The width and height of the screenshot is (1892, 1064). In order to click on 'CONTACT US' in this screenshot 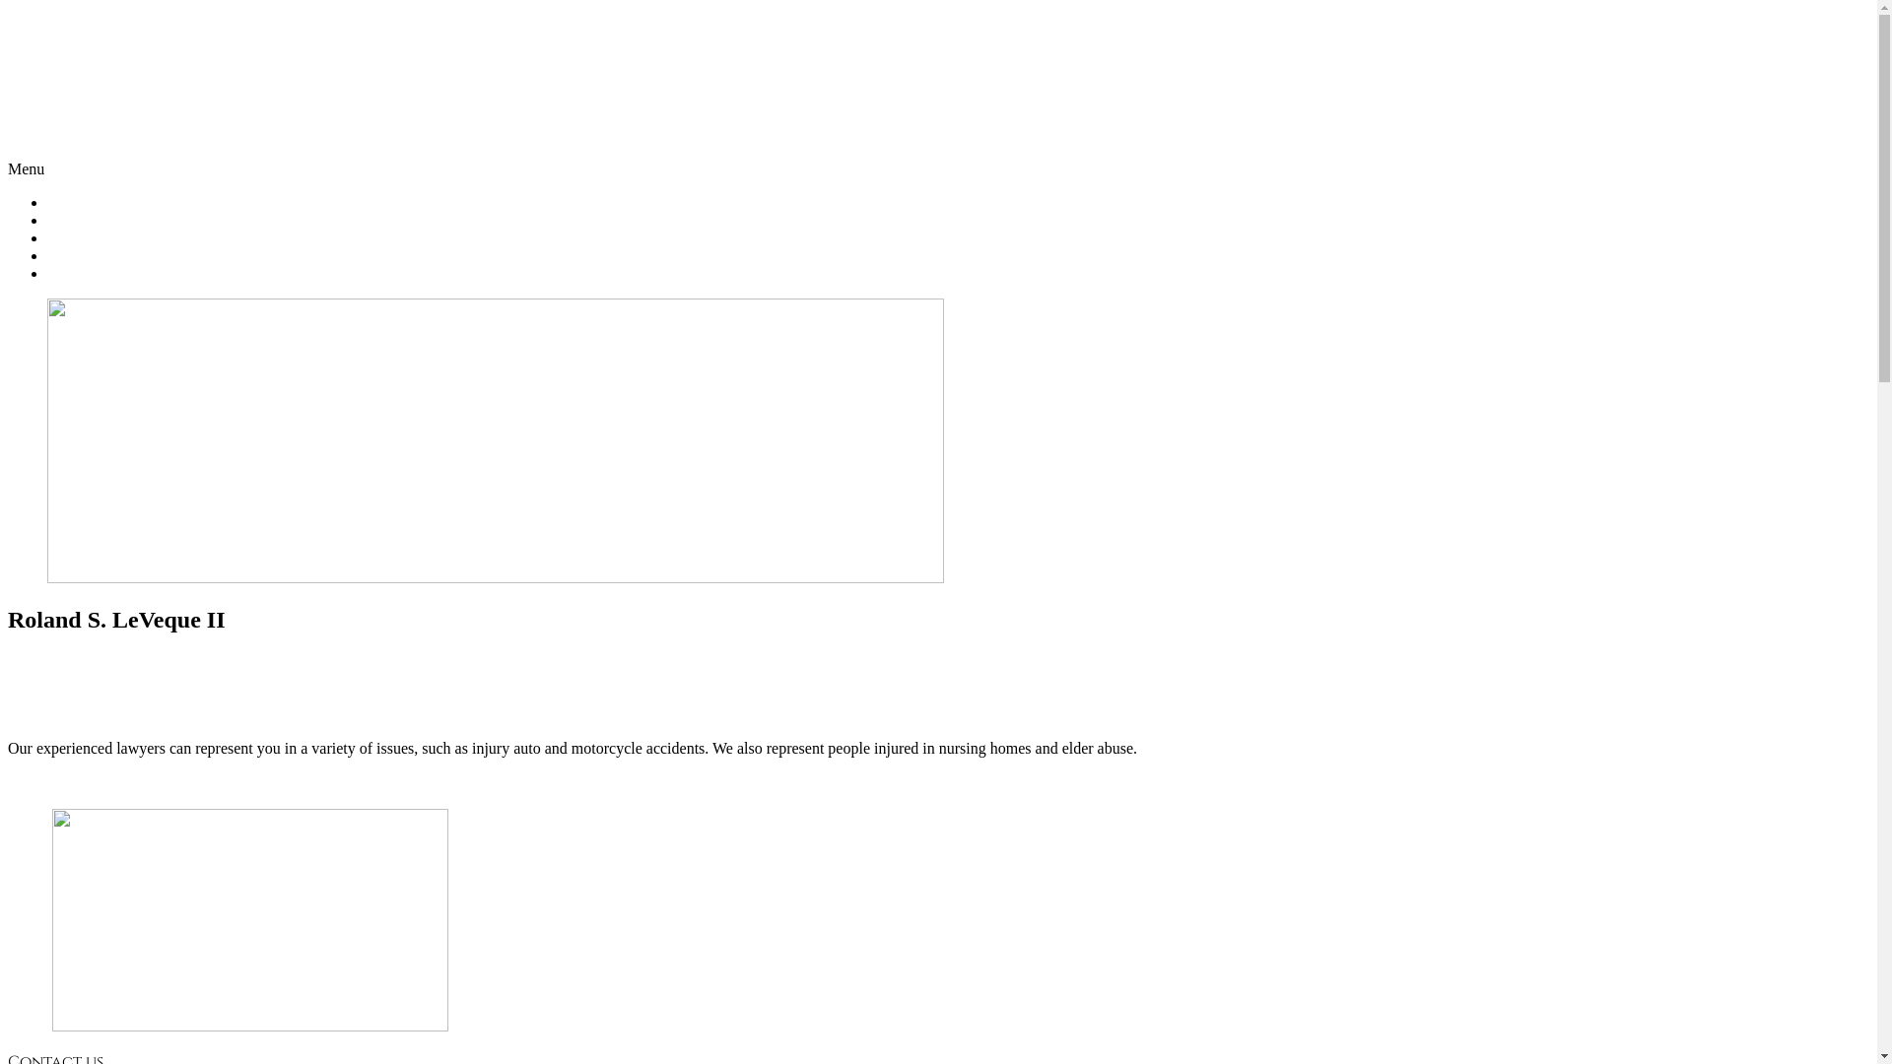, I will do `click(94, 273)`.